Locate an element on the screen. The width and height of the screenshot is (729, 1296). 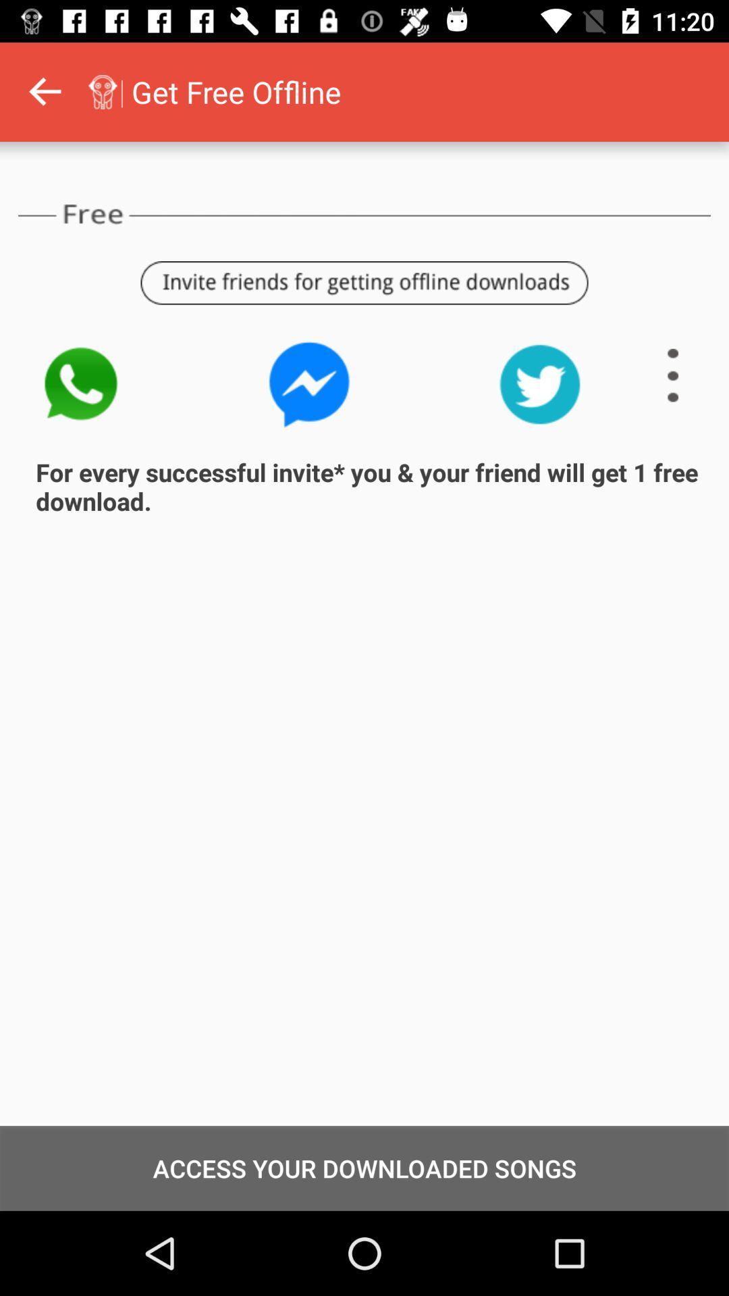
share on twitter is located at coordinates (539, 383).